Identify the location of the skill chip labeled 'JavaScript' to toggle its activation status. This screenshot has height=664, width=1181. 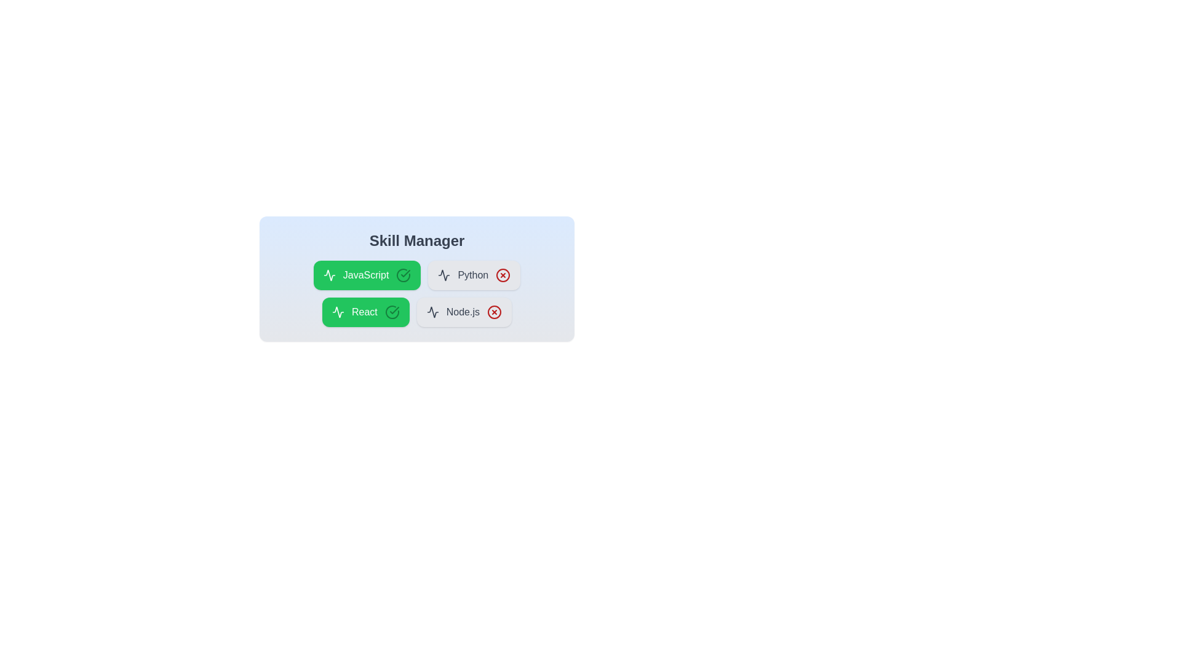
(366, 274).